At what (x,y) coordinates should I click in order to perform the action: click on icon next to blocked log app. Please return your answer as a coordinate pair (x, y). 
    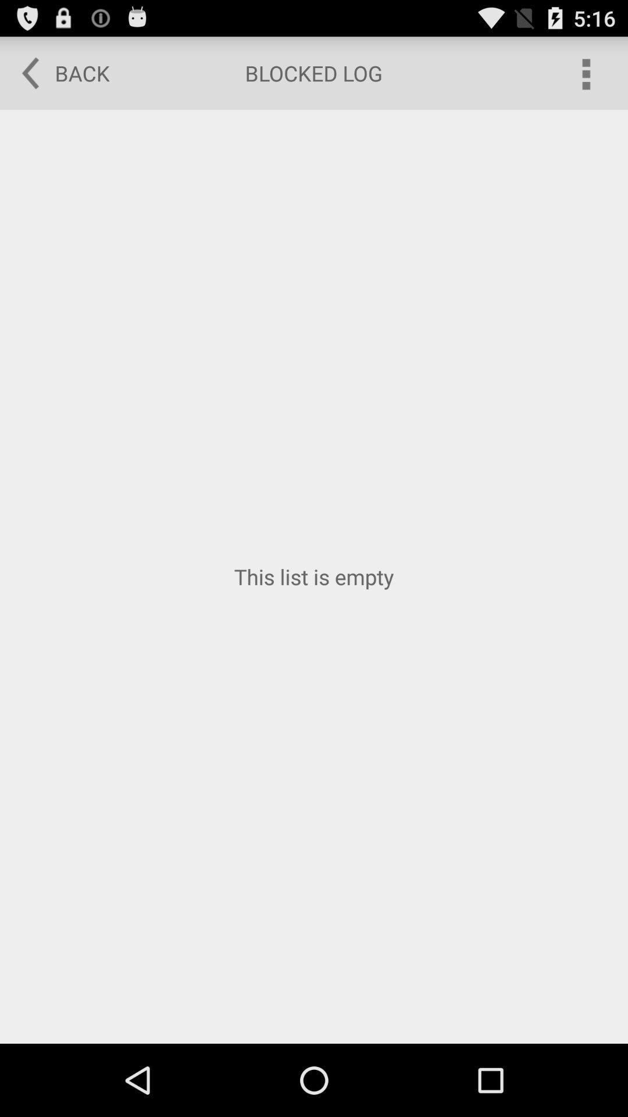
    Looking at the image, I should click on (585, 72).